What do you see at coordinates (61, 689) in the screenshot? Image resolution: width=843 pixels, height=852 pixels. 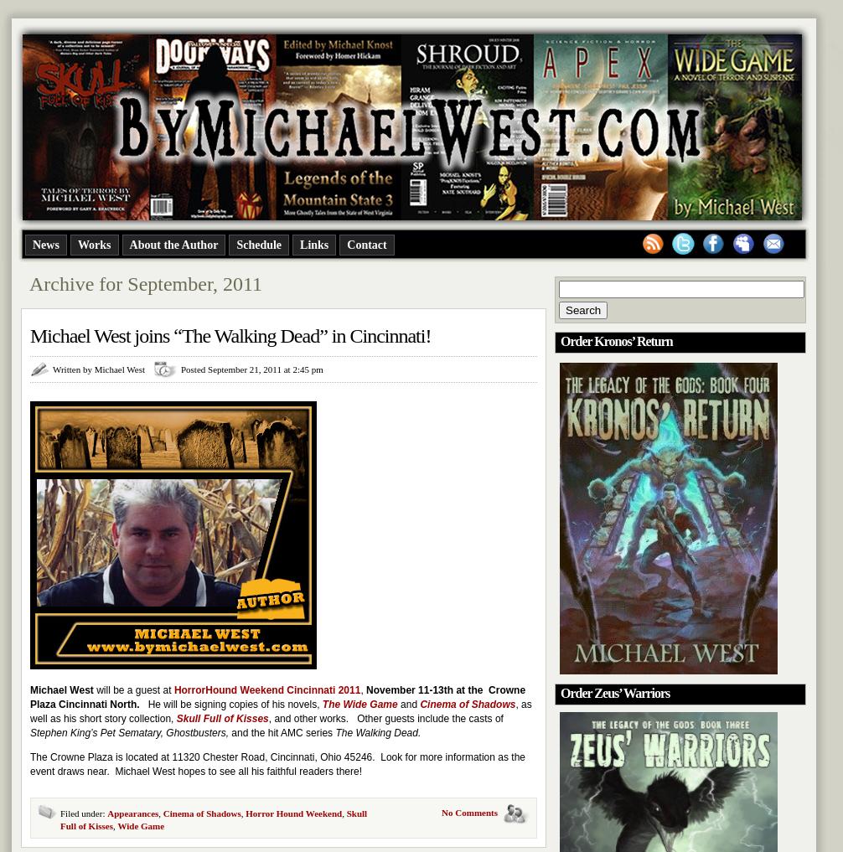 I see `'Michael West'` at bounding box center [61, 689].